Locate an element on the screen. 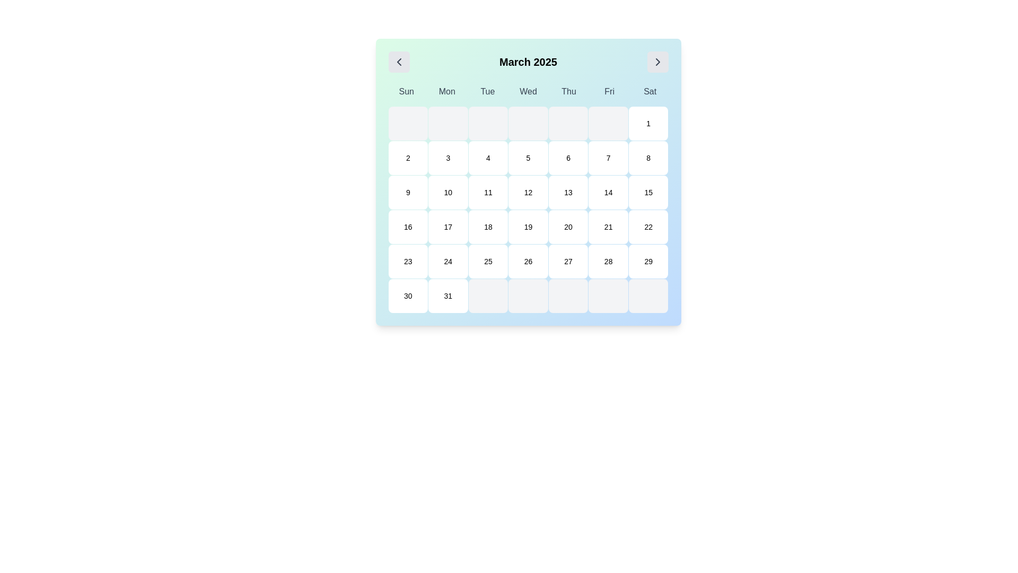 The image size is (1018, 573). the button representing the fifth day of March 2025 in the calendar interface is located at coordinates (528, 158).